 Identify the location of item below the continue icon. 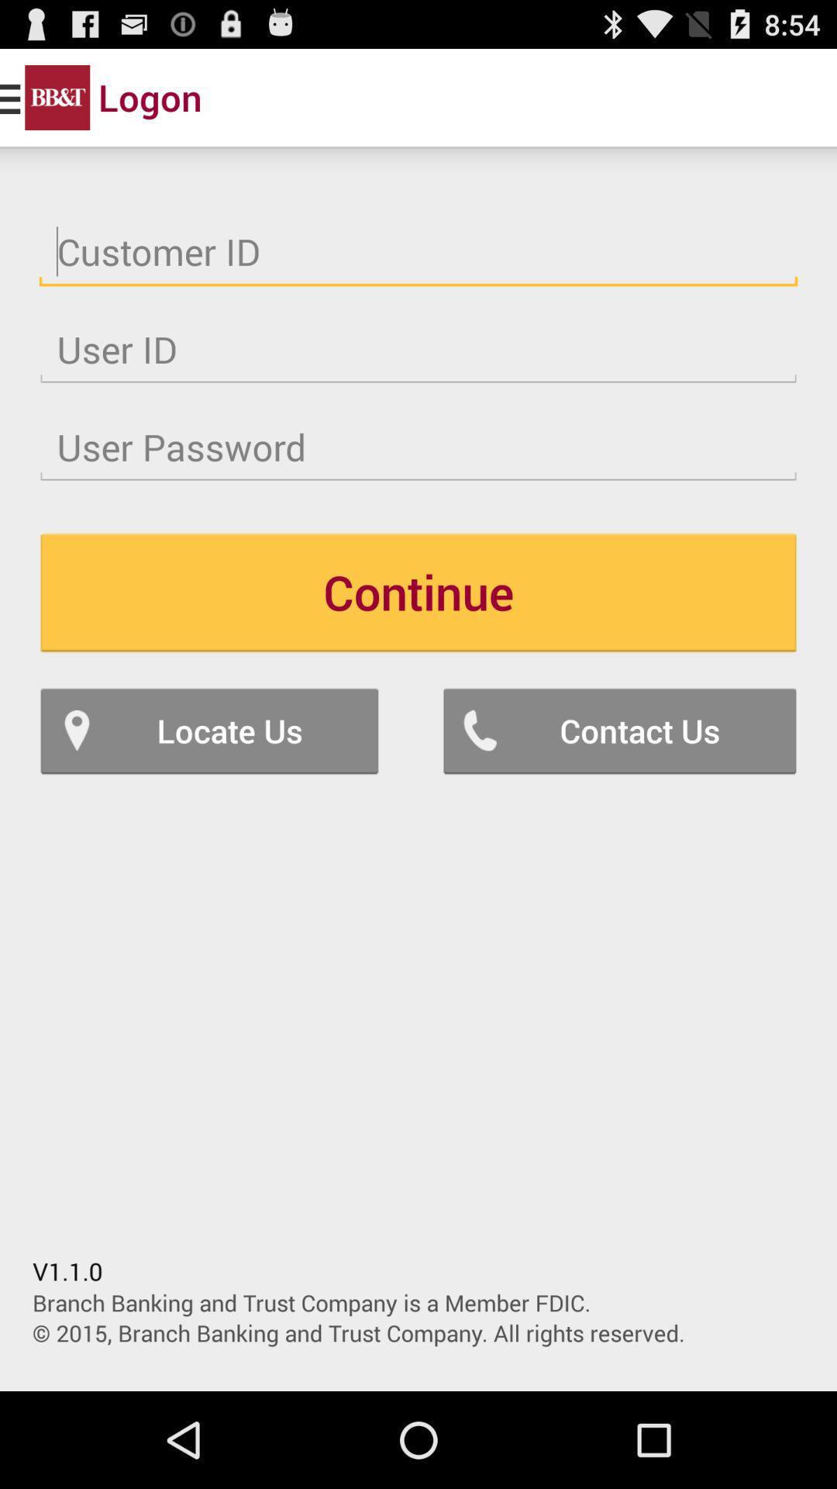
(618, 730).